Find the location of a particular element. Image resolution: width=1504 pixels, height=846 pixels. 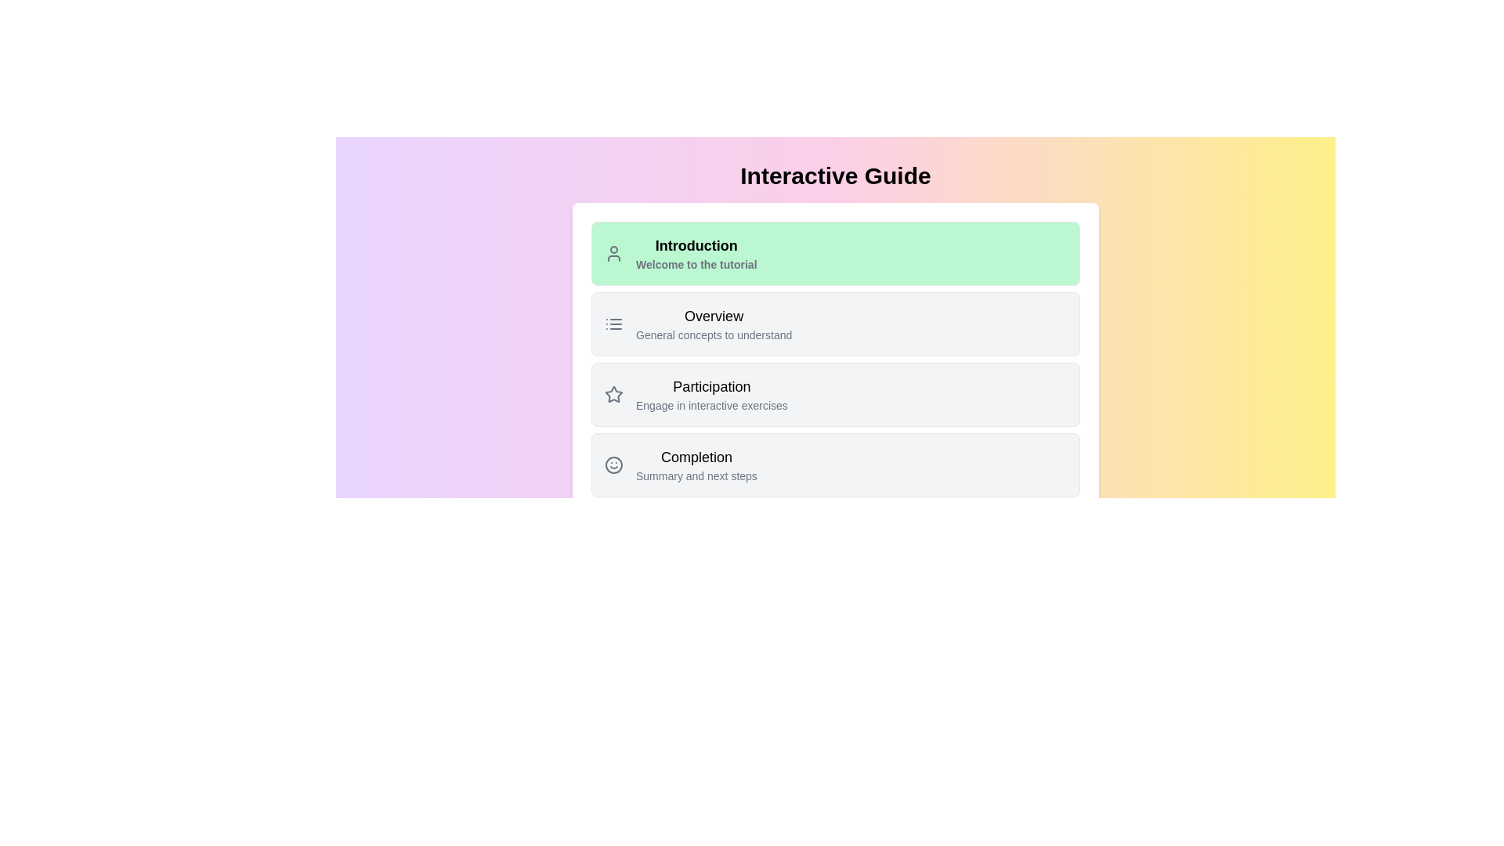

the 'Interactive Guide' text header, which is prominently displayed at the top center of the user interface with a bold, large black font against a gradient background is located at coordinates (834, 175).